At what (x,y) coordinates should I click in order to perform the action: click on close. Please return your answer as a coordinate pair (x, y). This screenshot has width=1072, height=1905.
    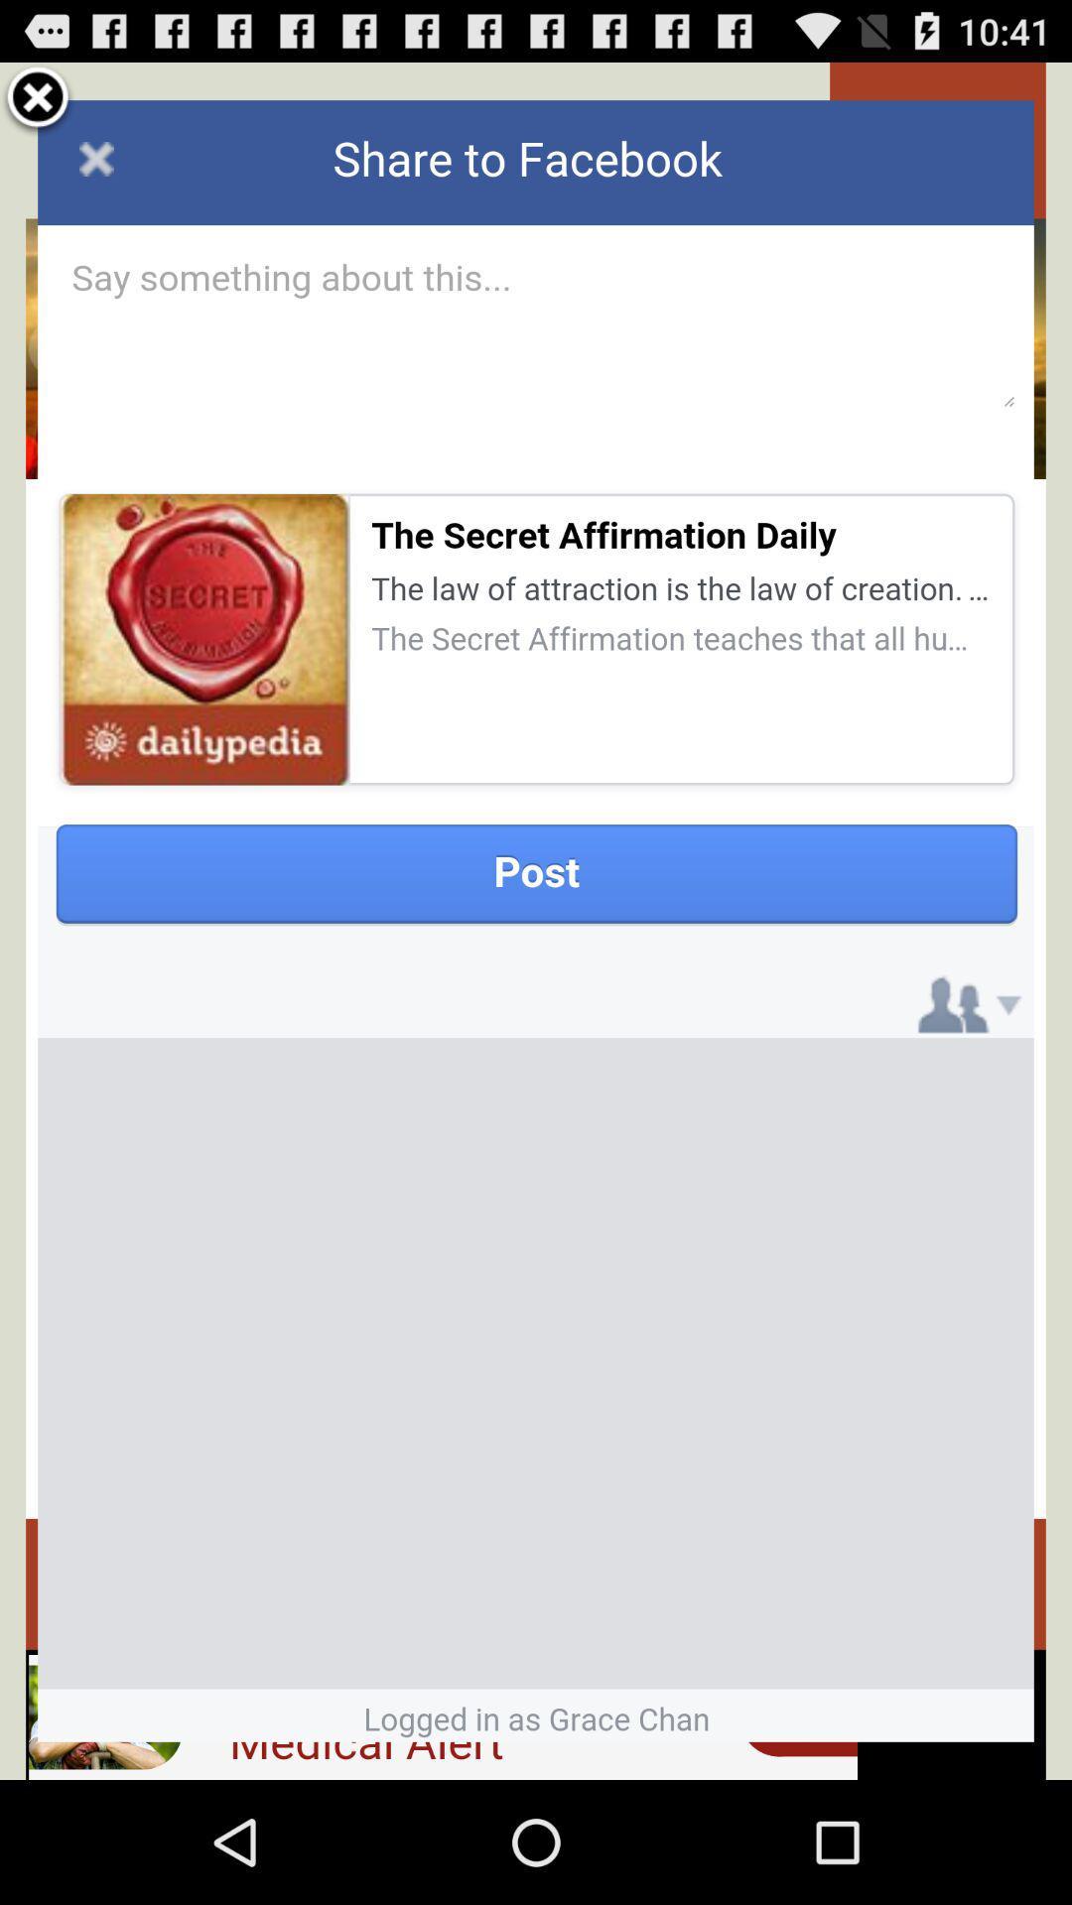
    Looking at the image, I should click on (38, 99).